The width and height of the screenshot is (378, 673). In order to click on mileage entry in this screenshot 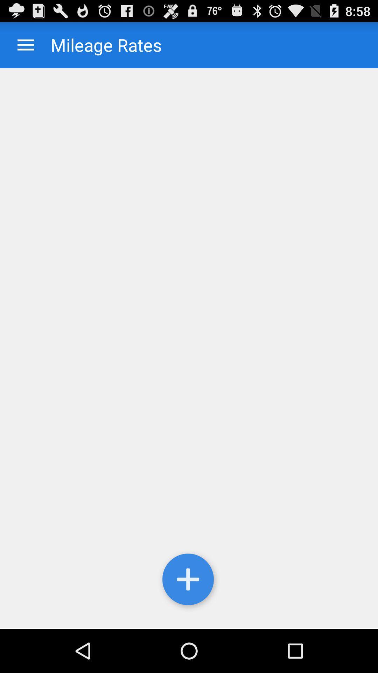, I will do `click(189, 348)`.